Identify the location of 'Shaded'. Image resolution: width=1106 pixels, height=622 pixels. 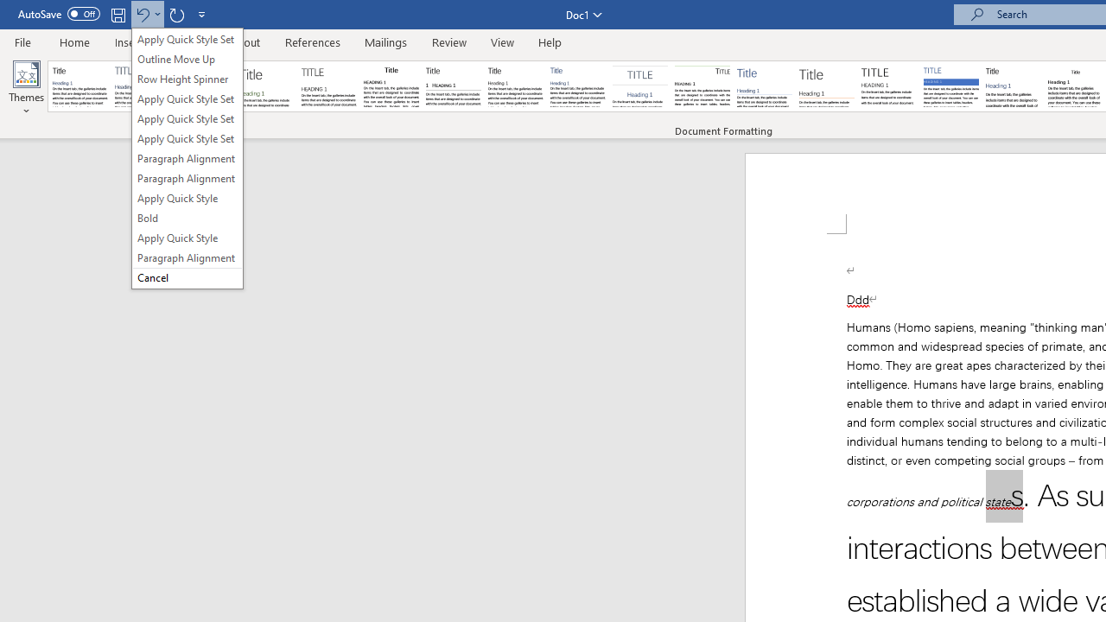
(950, 86).